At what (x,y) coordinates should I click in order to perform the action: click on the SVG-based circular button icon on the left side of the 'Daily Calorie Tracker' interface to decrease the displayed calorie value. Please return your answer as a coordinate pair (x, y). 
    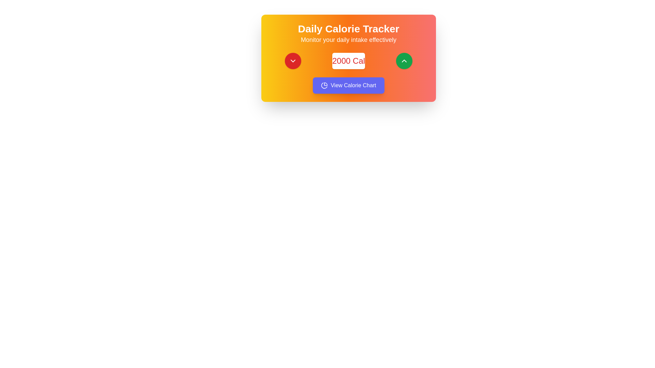
    Looking at the image, I should click on (293, 60).